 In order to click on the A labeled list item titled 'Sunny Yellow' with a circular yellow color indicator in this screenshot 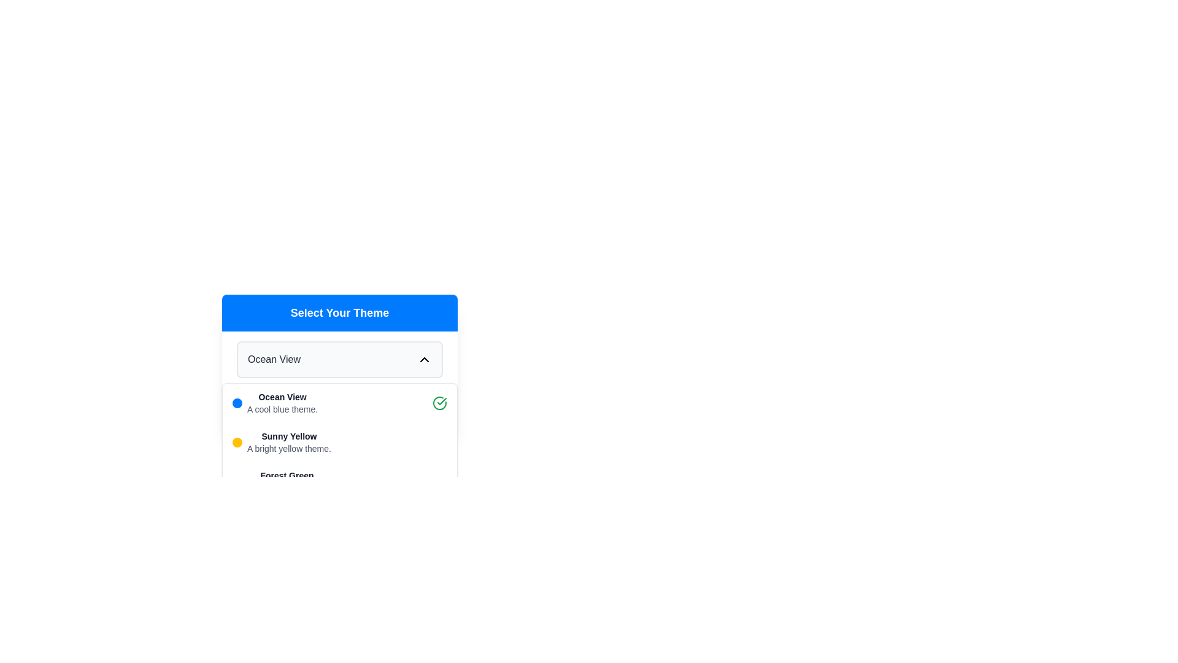, I will do `click(281, 443)`.